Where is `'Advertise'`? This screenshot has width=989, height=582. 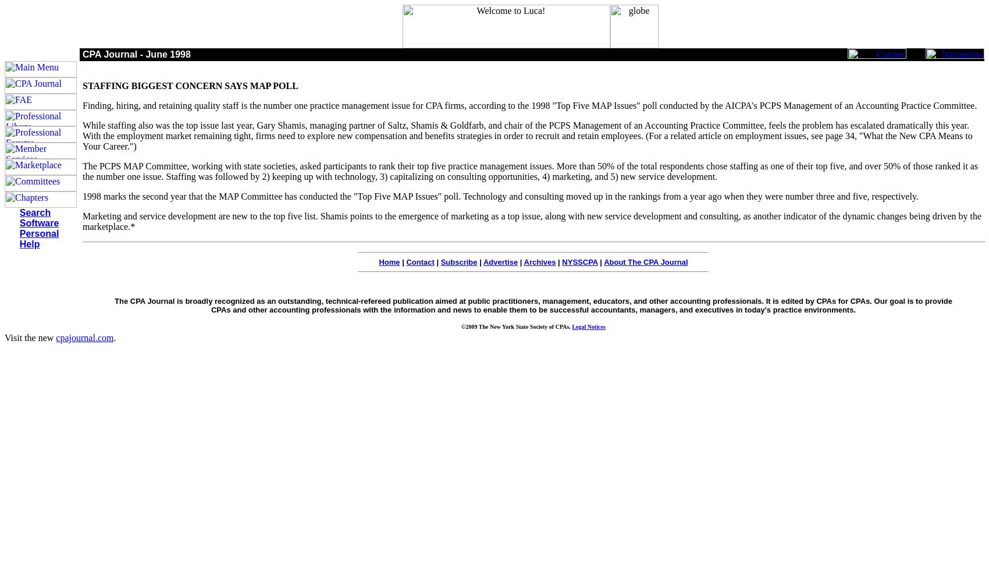 'Advertise' is located at coordinates (500, 261).